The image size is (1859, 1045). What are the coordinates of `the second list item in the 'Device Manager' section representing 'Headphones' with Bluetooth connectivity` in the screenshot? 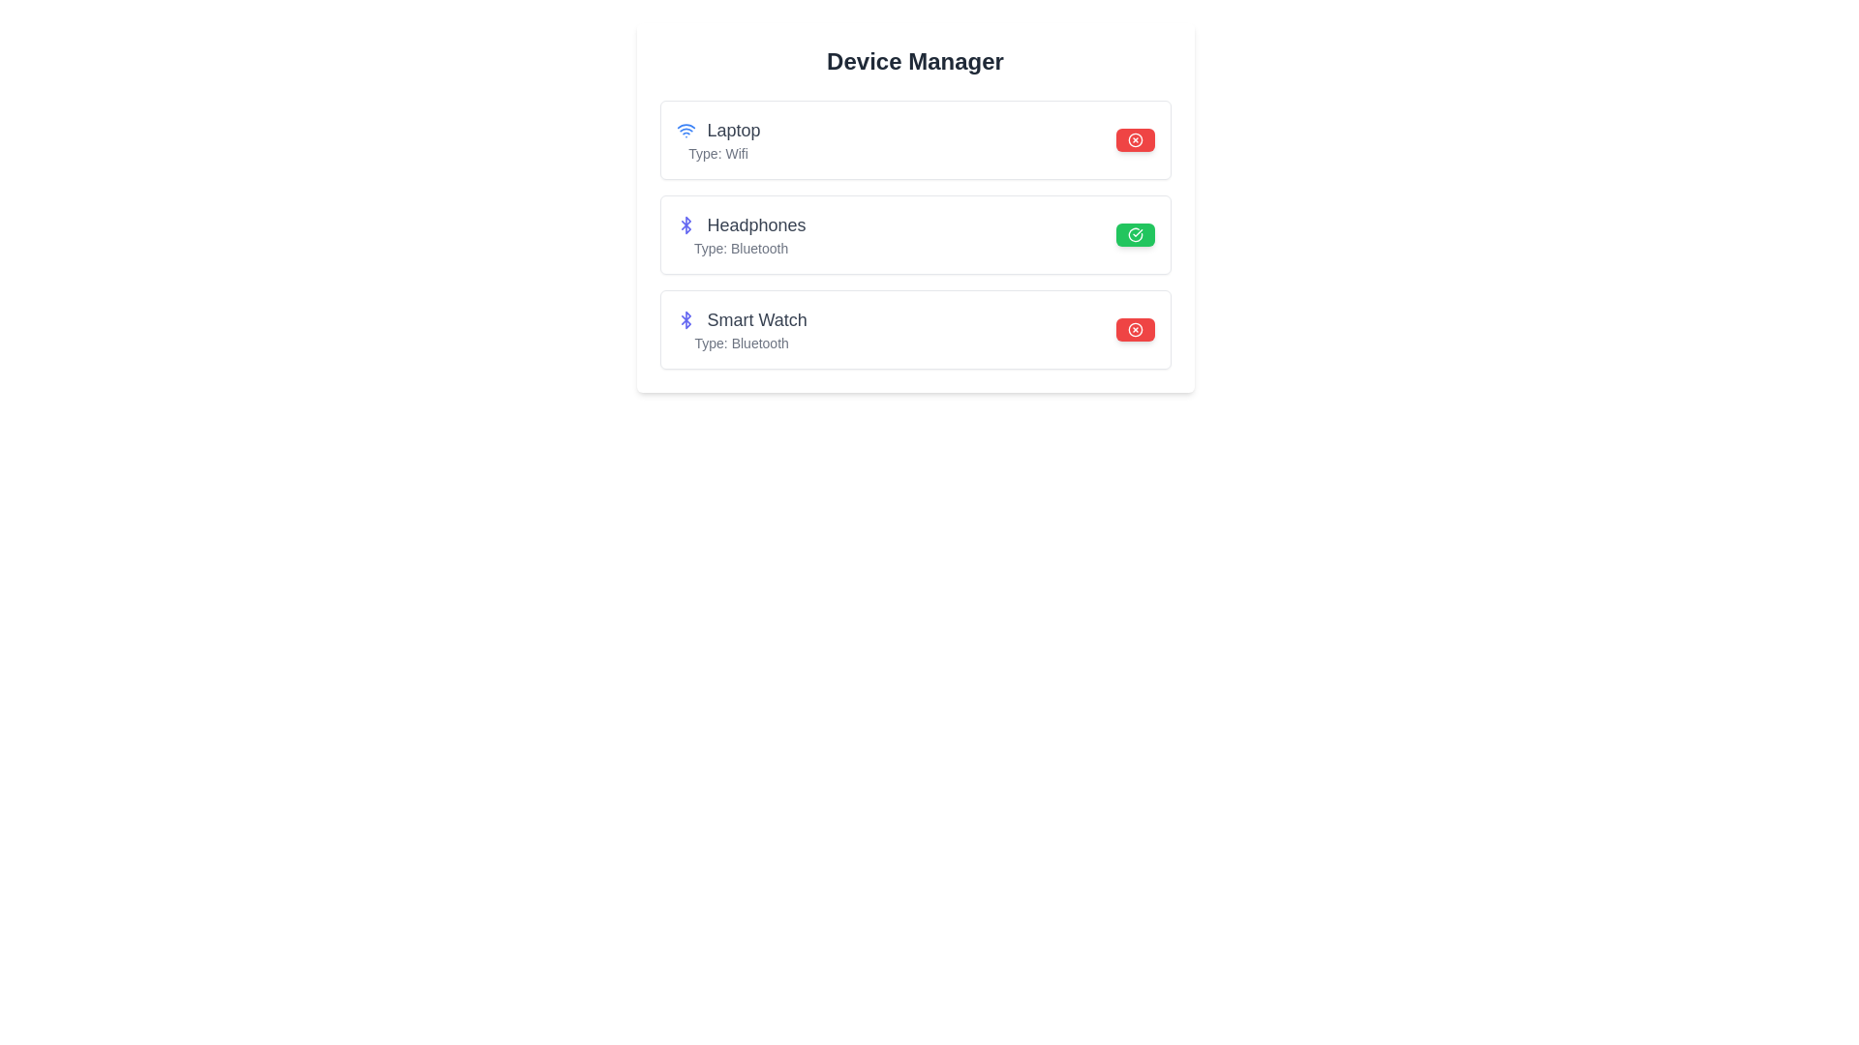 It's located at (914, 234).